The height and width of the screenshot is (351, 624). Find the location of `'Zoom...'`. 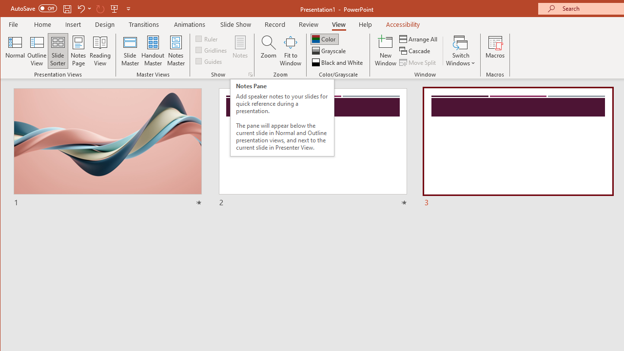

'Zoom...' is located at coordinates (269, 51).